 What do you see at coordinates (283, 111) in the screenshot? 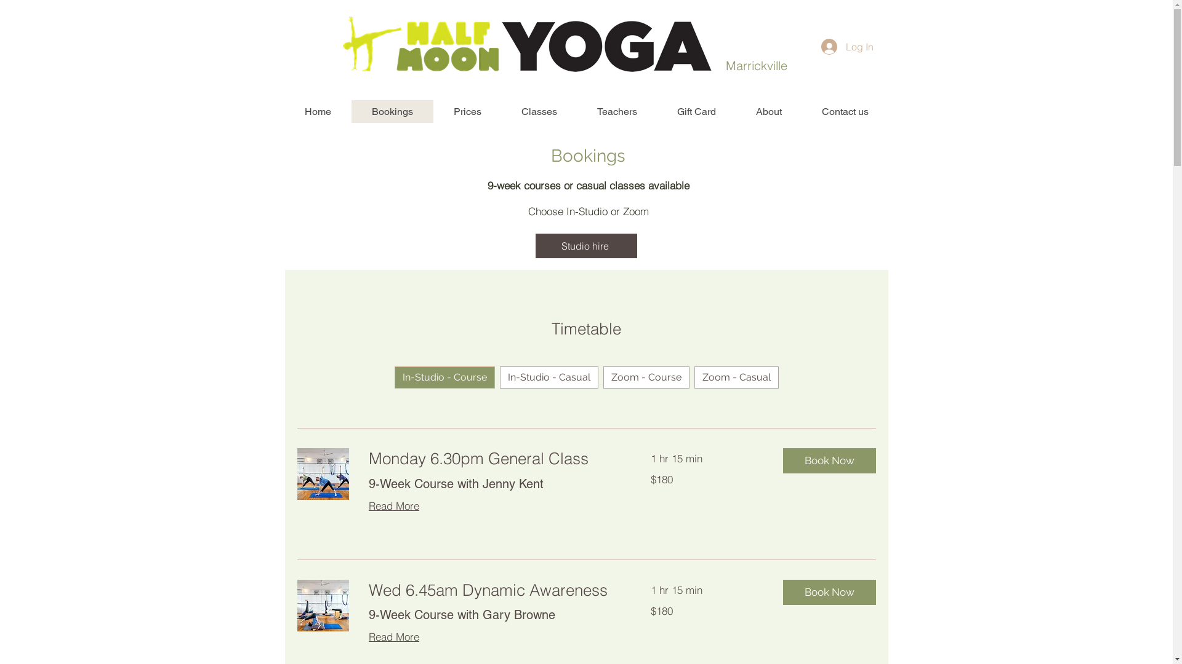
I see `'Home'` at bounding box center [283, 111].